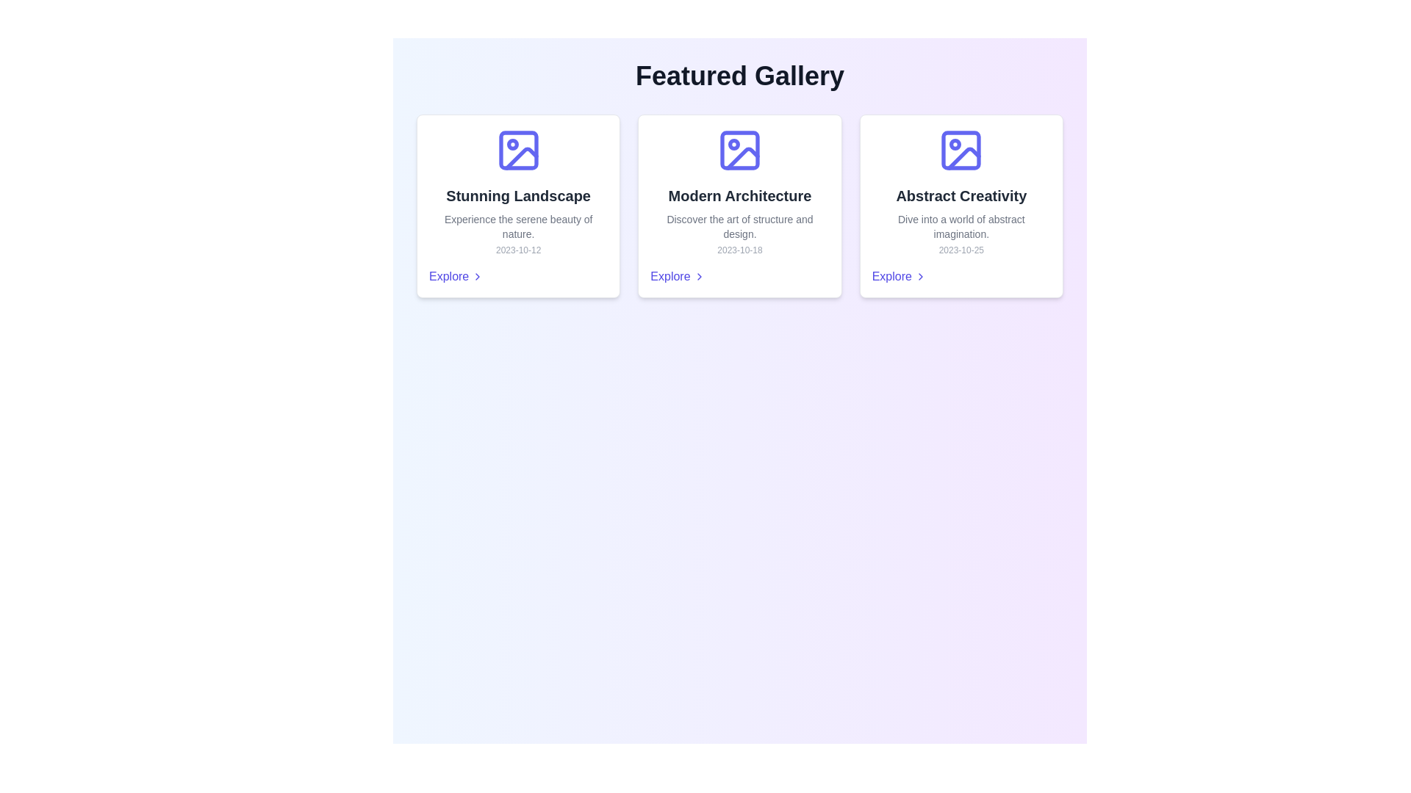  What do you see at coordinates (456, 277) in the screenshot?
I see `the button-like link with an associated icon located at the bottom-left of the white card labeled 'Stunning Landscape'` at bounding box center [456, 277].